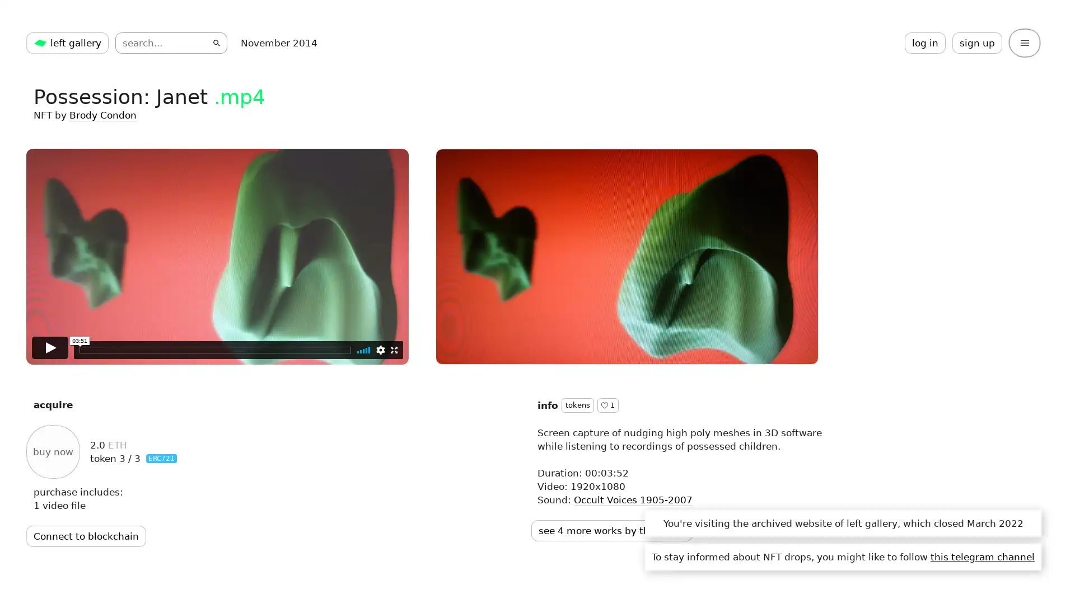 The width and height of the screenshot is (1075, 604). What do you see at coordinates (85, 536) in the screenshot?
I see `Connect to blockchain` at bounding box center [85, 536].